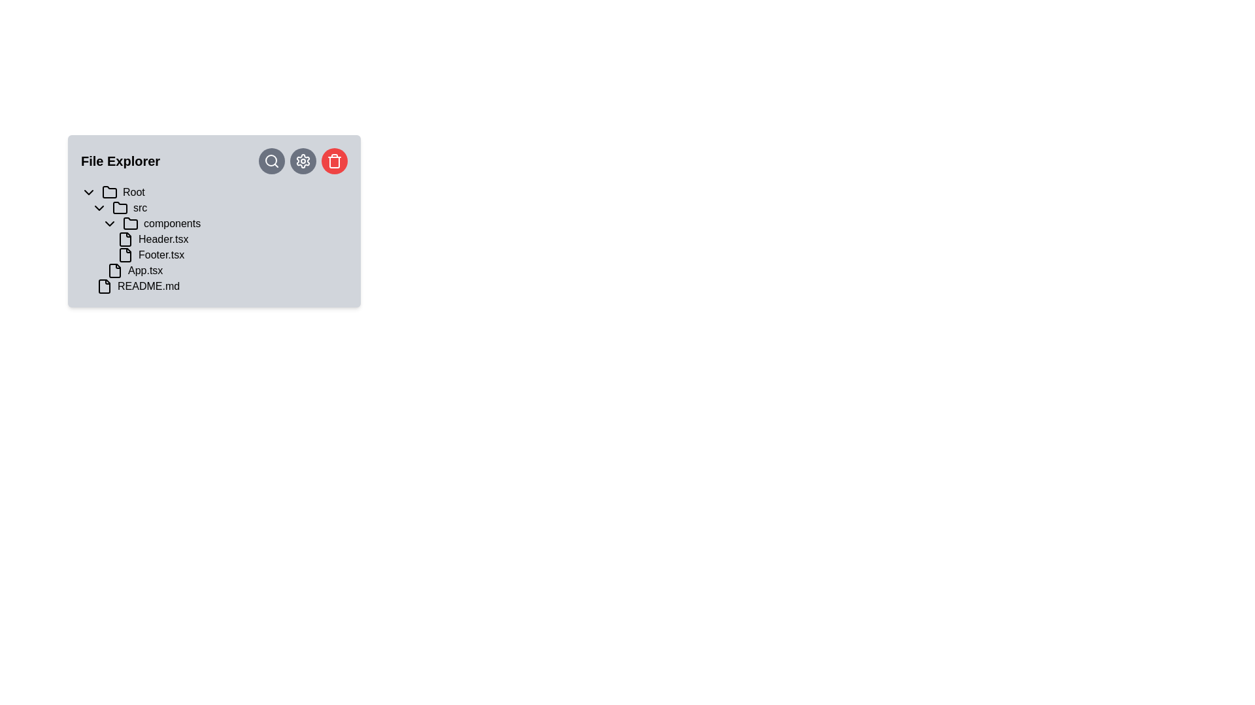  Describe the element at coordinates (120, 207) in the screenshot. I see `the folder icon located next to the text 'src' in the file explorer` at that location.